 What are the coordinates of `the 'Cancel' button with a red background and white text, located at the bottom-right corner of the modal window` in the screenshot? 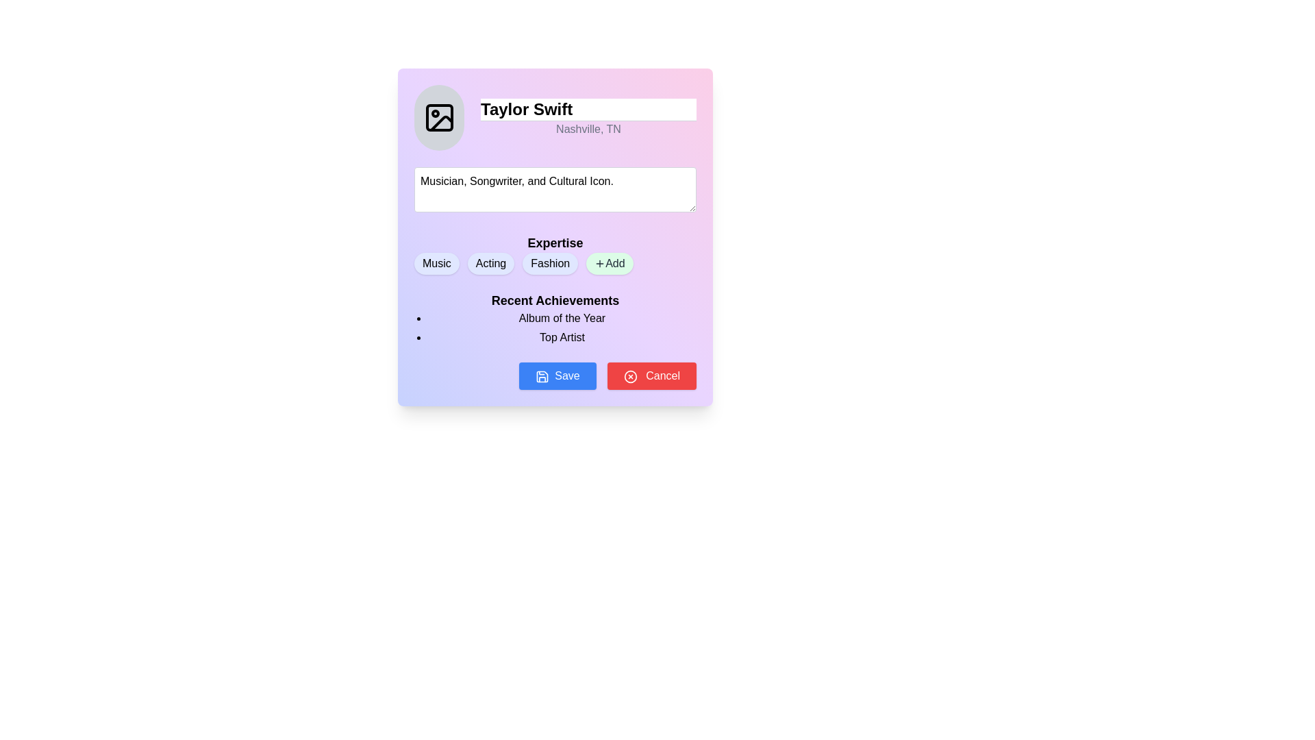 It's located at (651, 375).